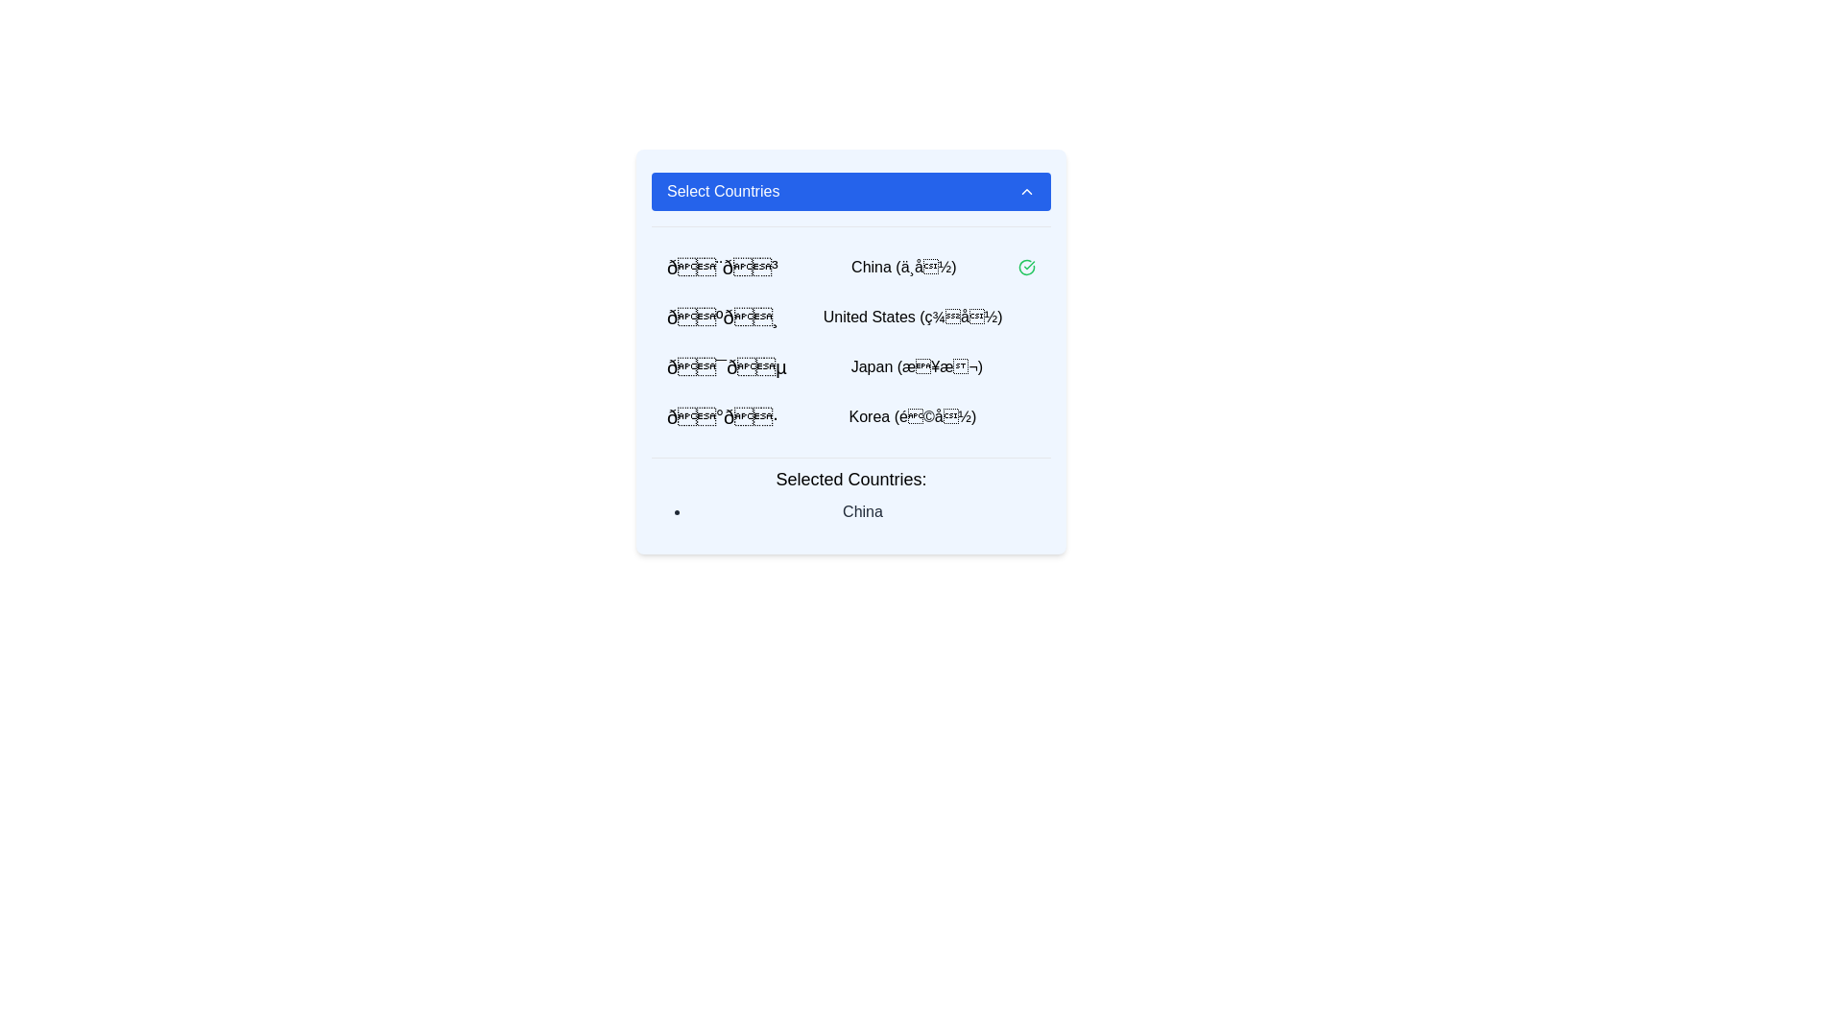  Describe the element at coordinates (1026, 267) in the screenshot. I see `the selection status indicated by the green checkmark icon with a circular outline, located at the right end of the list item labeled 'China (中国)'` at that location.